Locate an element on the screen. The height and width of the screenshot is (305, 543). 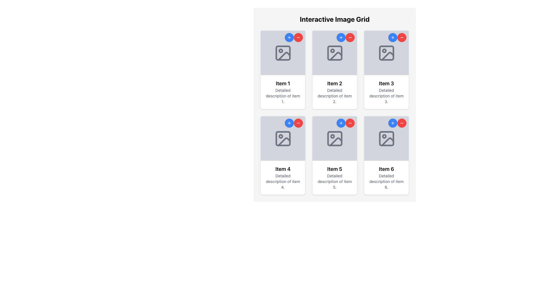
the Image Placeholder located in the top row, first column of the grid layout, which visually represents an image related to 'Item 1' is located at coordinates (283, 53).